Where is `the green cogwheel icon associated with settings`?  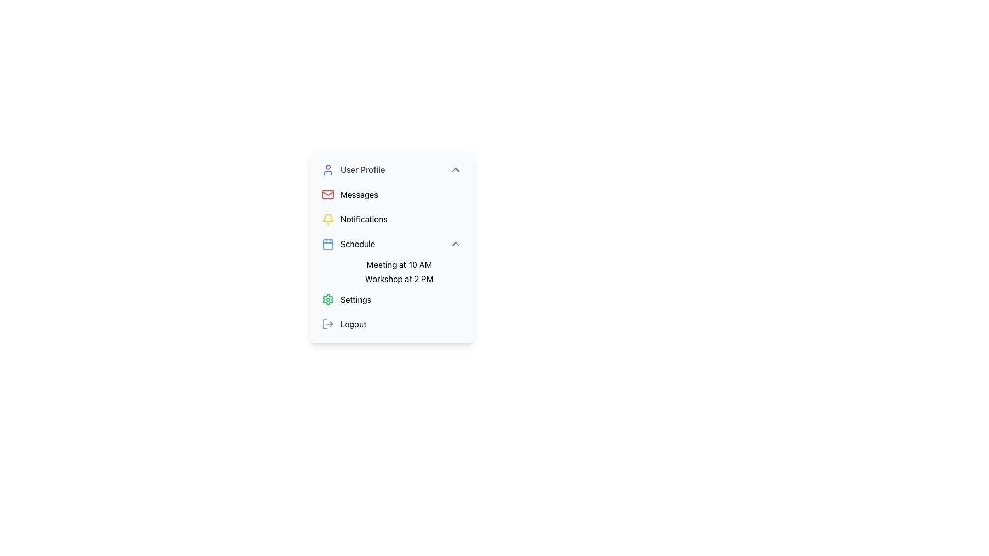
the green cogwheel icon associated with settings is located at coordinates (328, 300).